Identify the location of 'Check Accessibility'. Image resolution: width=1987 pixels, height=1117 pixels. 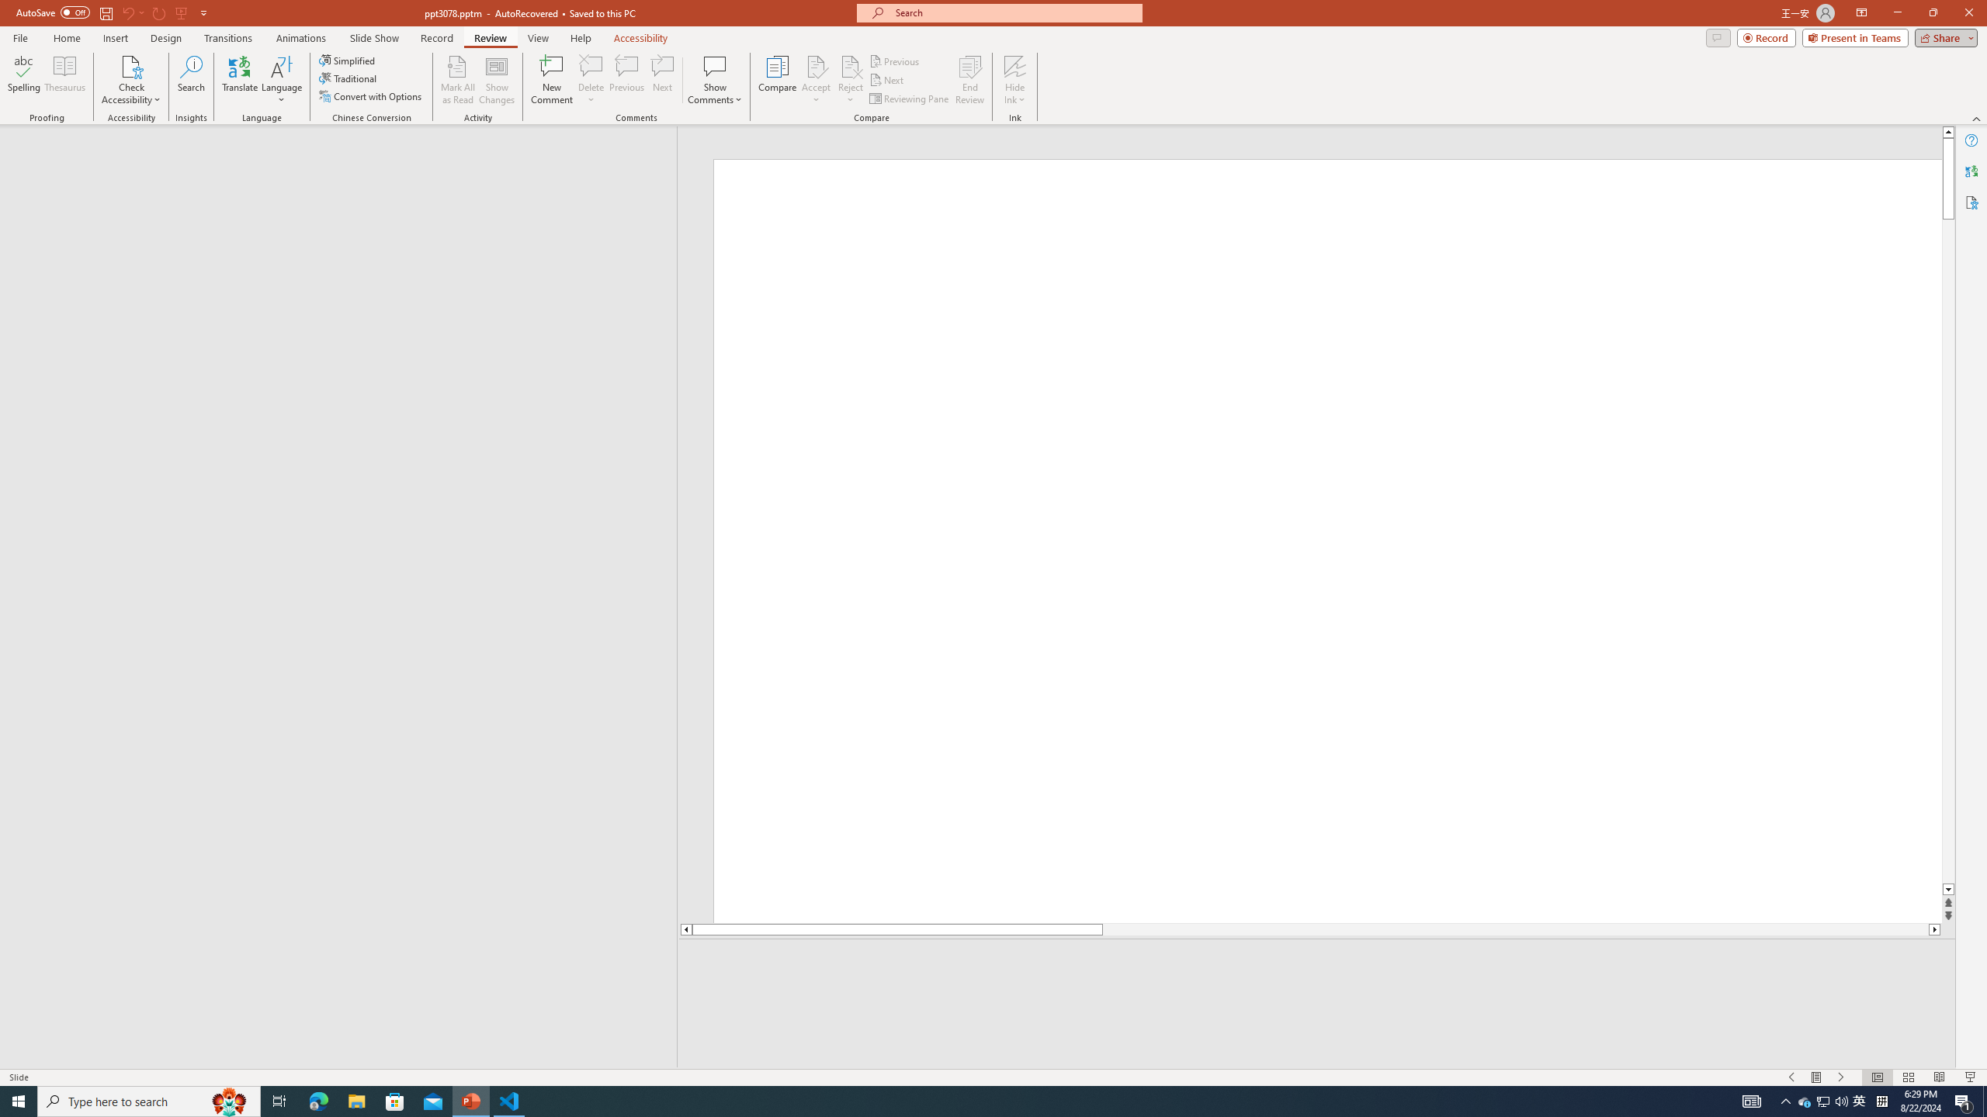
(130, 65).